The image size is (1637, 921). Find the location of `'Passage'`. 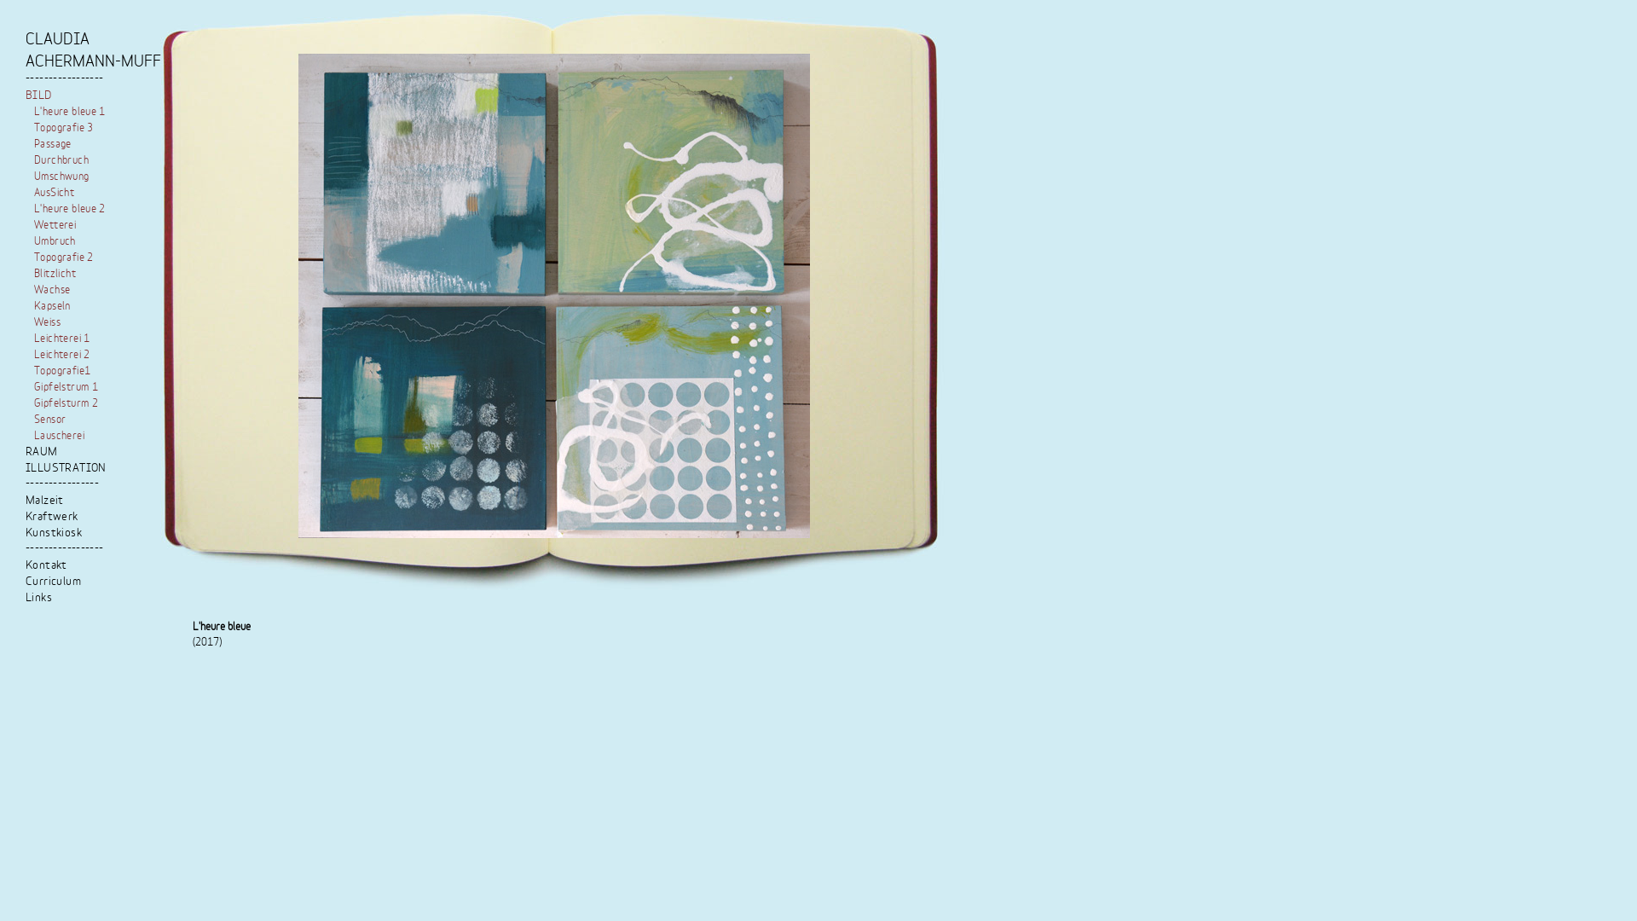

'Passage' is located at coordinates (53, 143).